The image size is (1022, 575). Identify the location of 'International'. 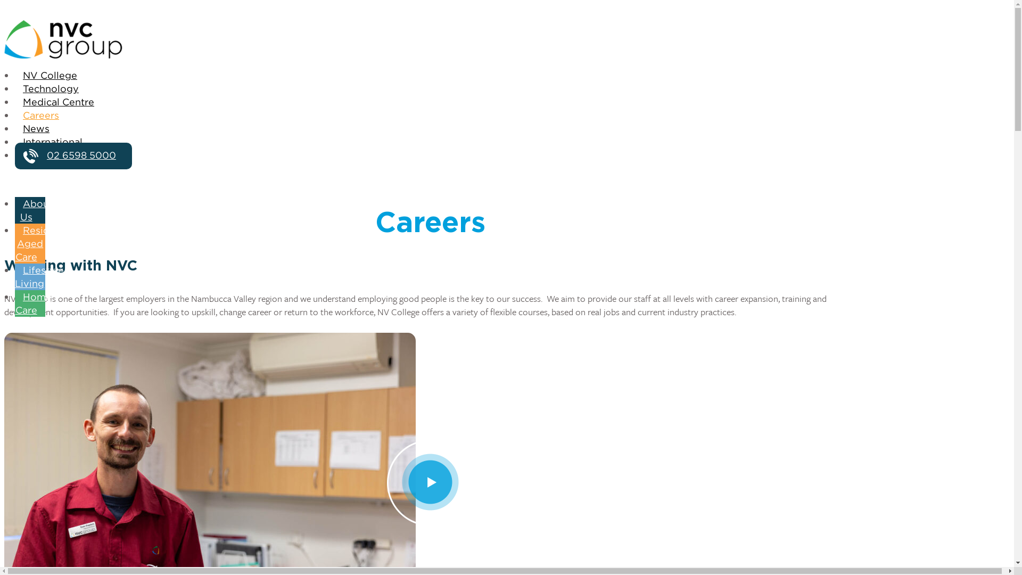
(52, 142).